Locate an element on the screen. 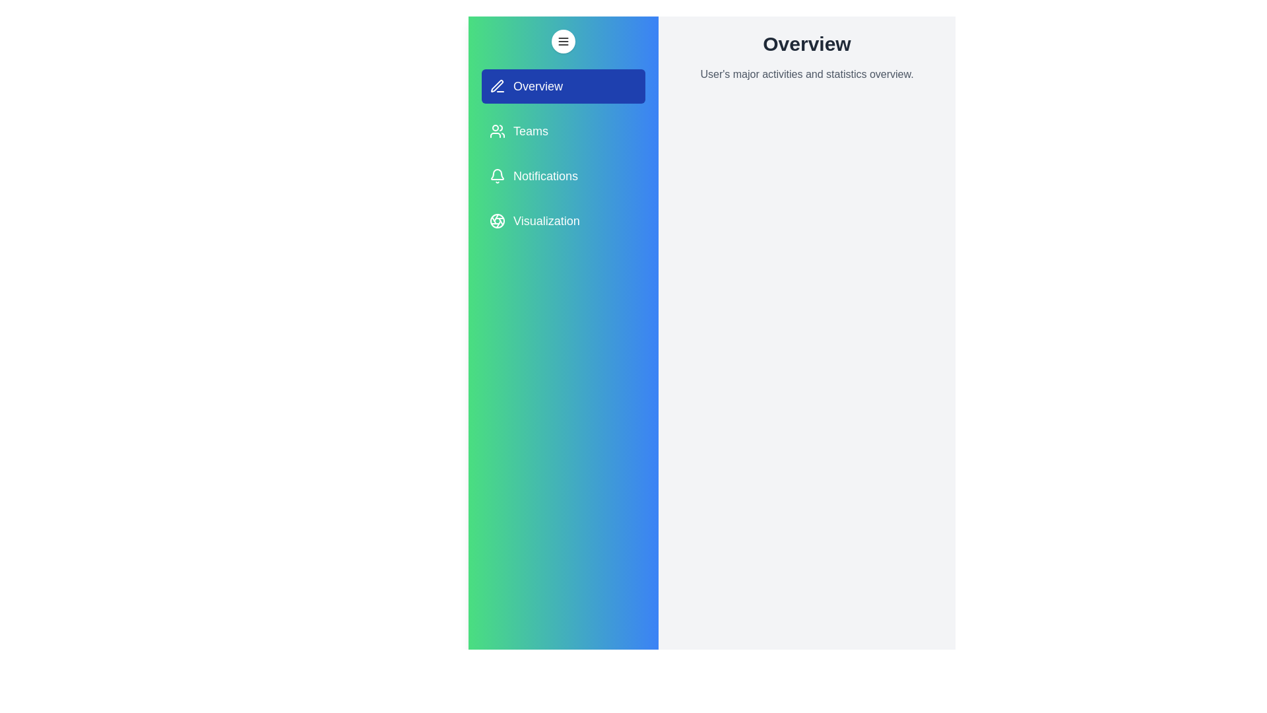 The width and height of the screenshot is (1267, 713). the drawer elements to observe highlights. The element to hover over is specified by the parameter Notifications is located at coordinates (564, 175).